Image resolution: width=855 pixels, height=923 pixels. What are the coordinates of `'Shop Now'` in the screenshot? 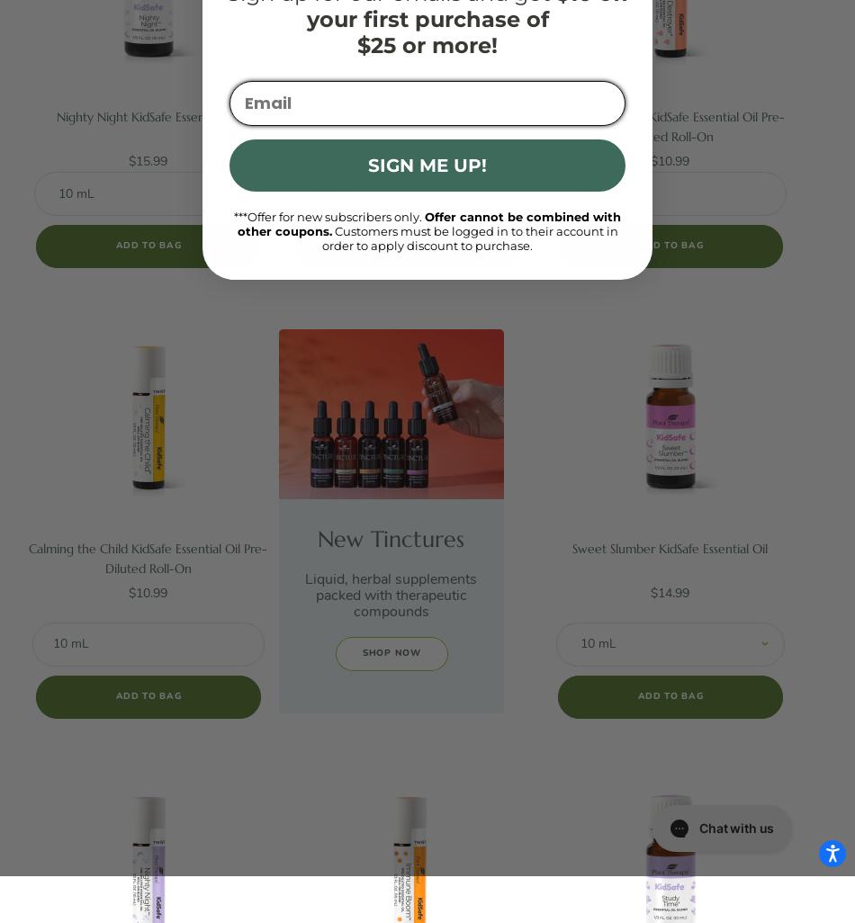 It's located at (361, 652).